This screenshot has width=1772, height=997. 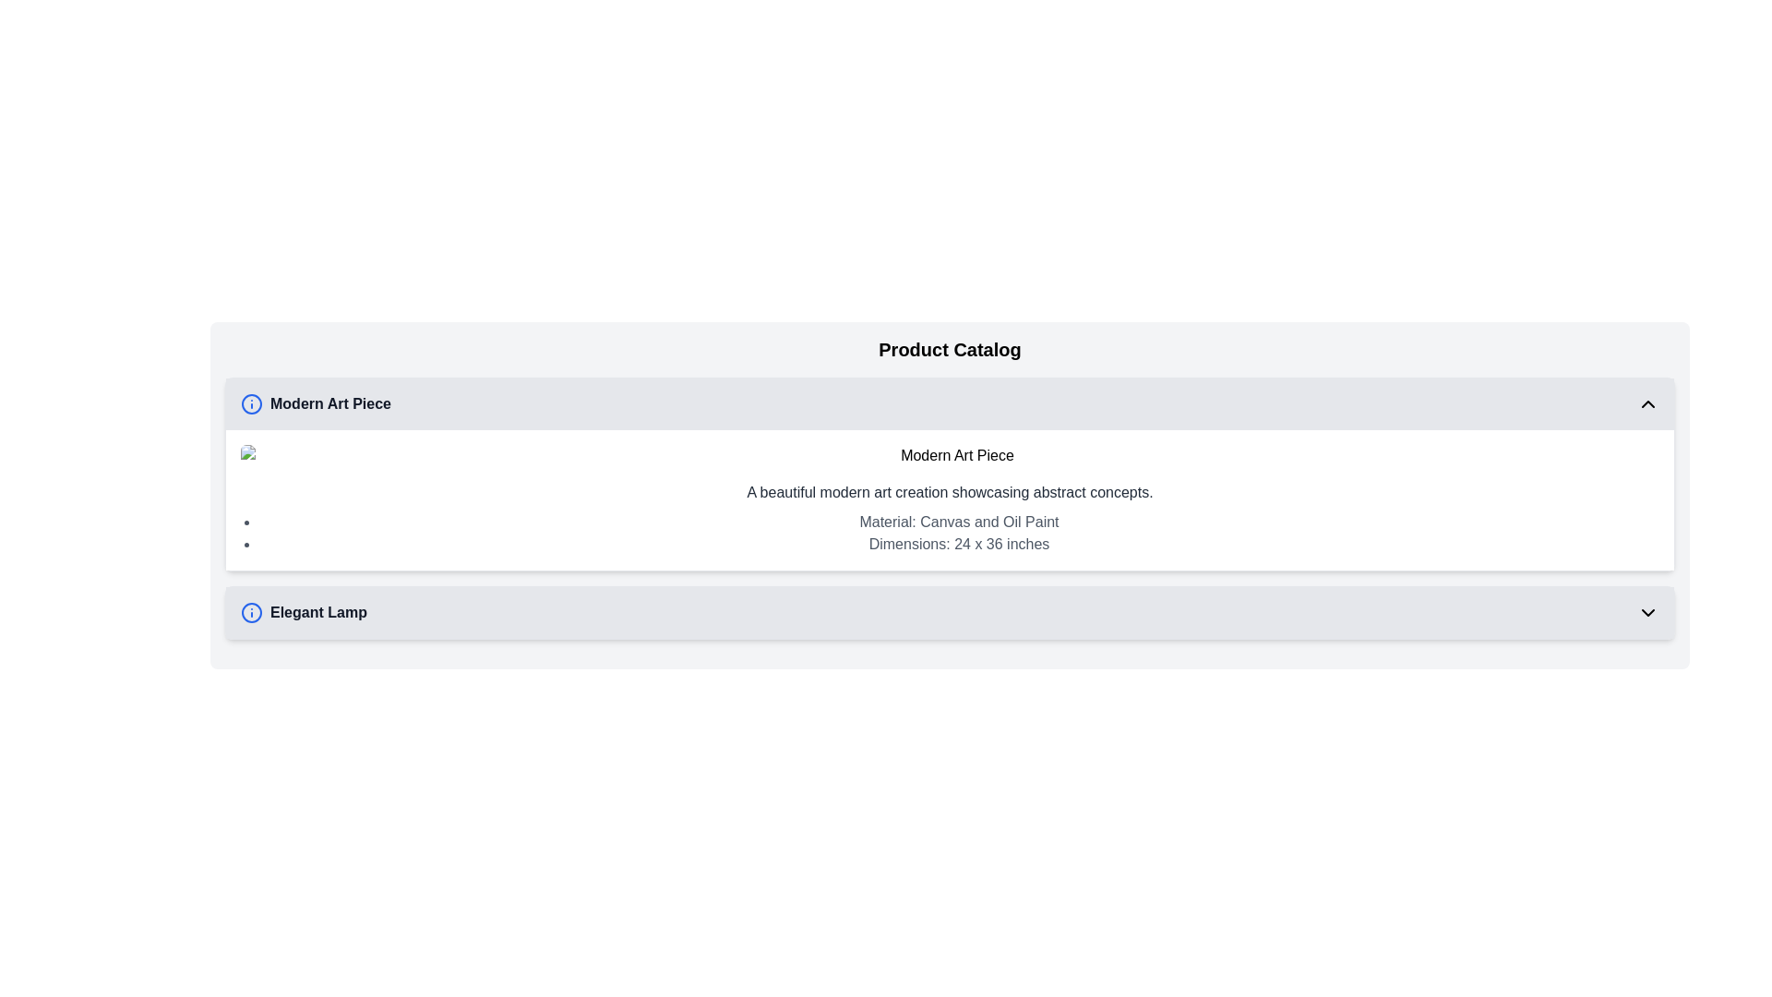 I want to click on the upward-facing chevron arrow icon with a black outline located in the header bar labeled 'Modern Art Piece', so click(x=1647, y=403).